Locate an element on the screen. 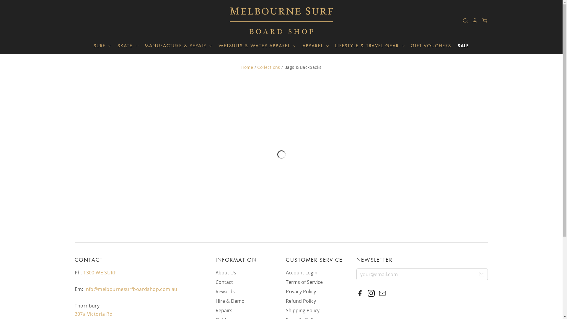  'Shipping Policy' is located at coordinates (303, 310).